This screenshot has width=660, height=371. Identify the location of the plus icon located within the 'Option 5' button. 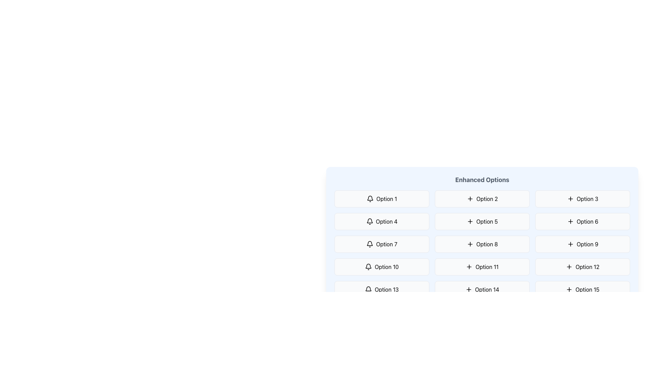
(470, 221).